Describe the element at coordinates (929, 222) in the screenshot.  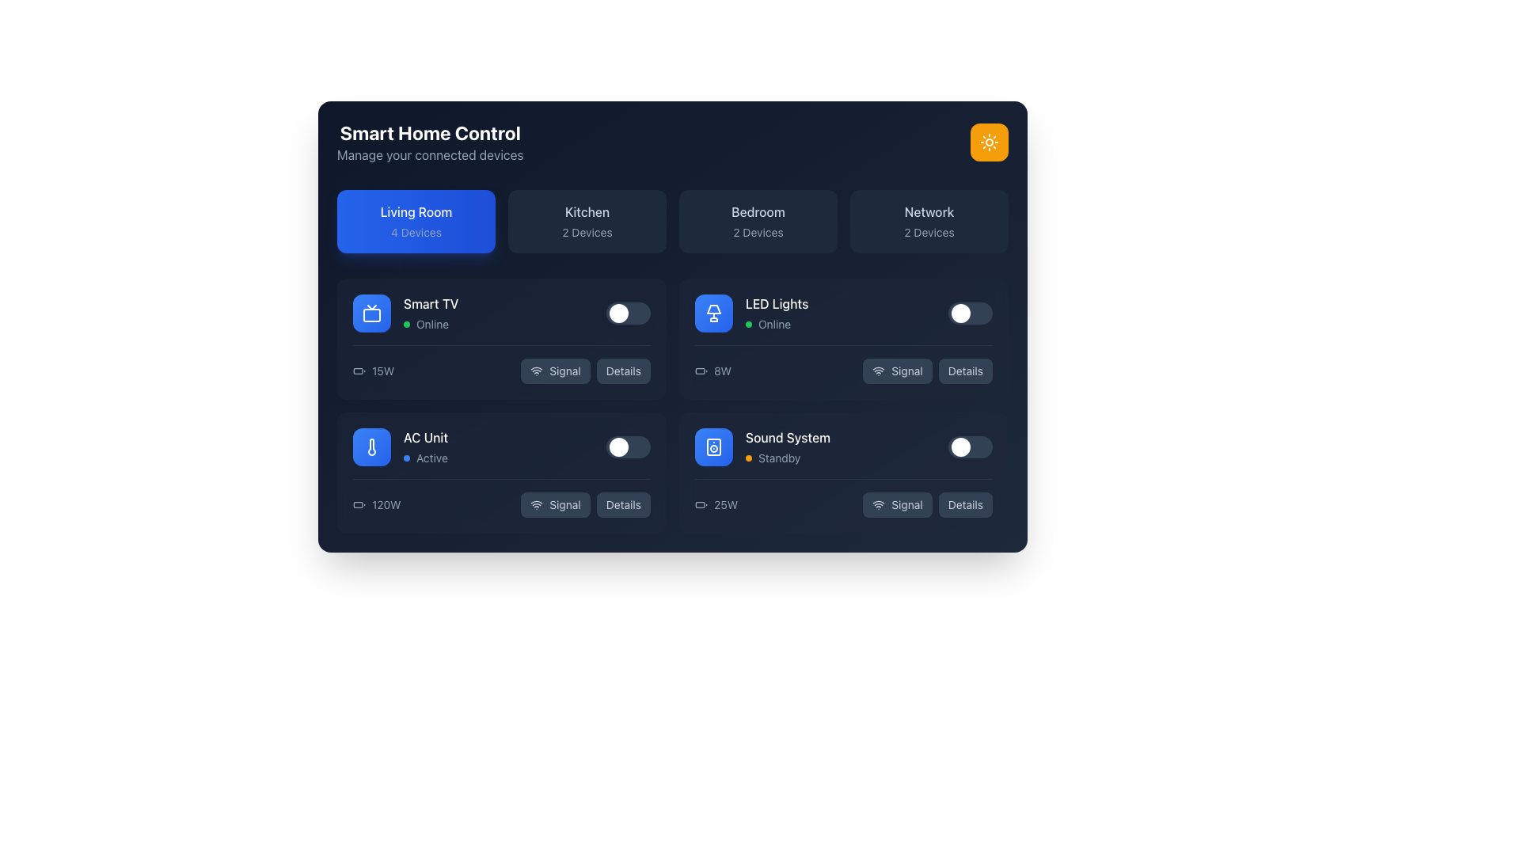
I see `the 'Network' button, which is the fourth card in the top row of the smart home control interface grid, to perform network-related operations` at that location.